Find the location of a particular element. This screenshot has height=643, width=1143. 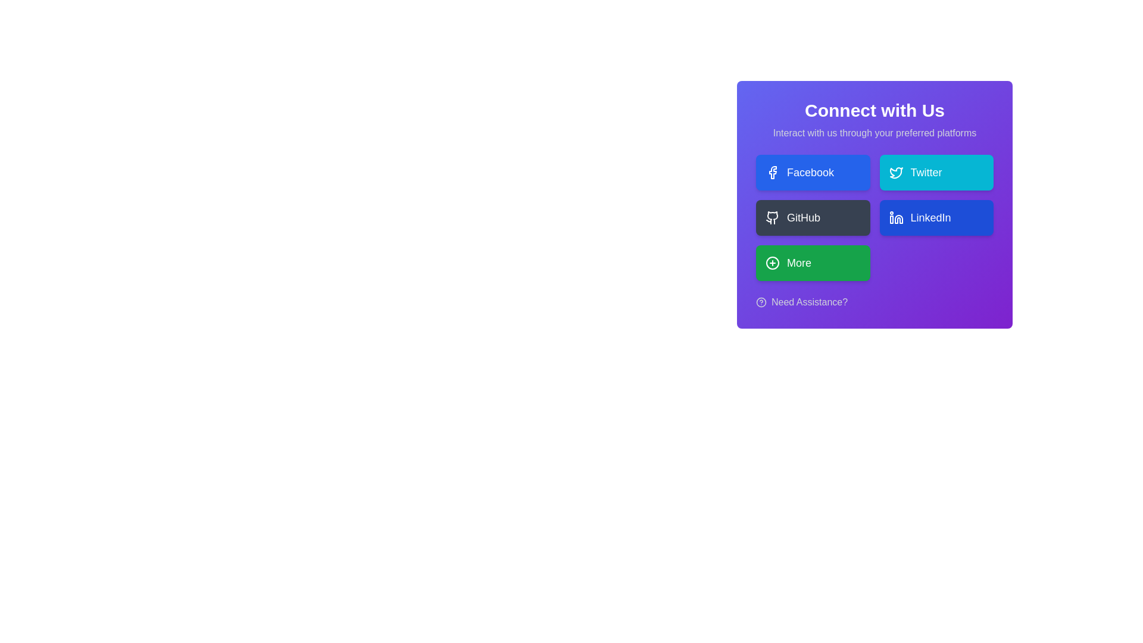

the circular icon with a question mark inside, located to the left of the text 'Need Assistance?' is located at coordinates (760, 302).